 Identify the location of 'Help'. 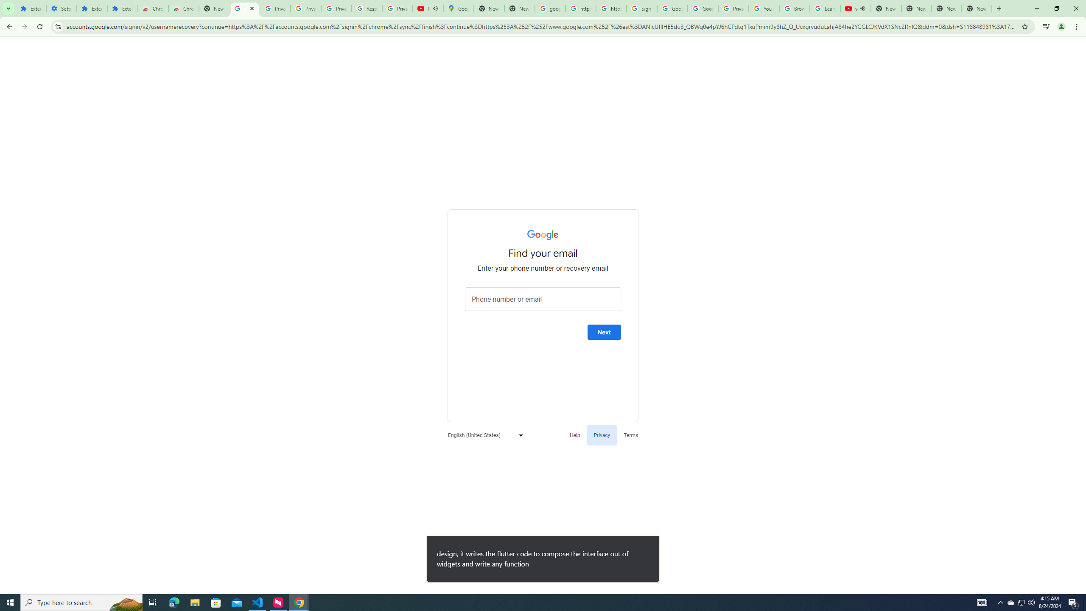
(574, 435).